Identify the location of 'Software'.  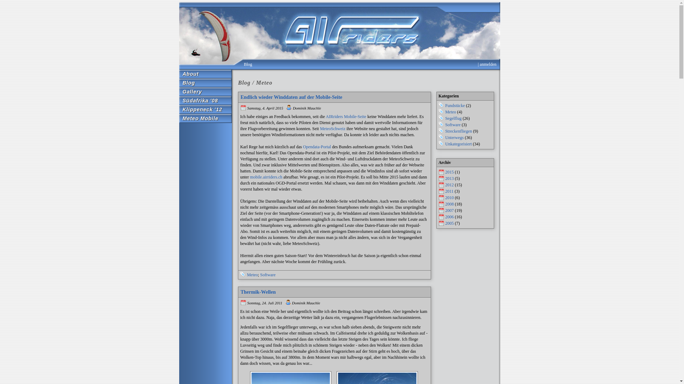
(267, 274).